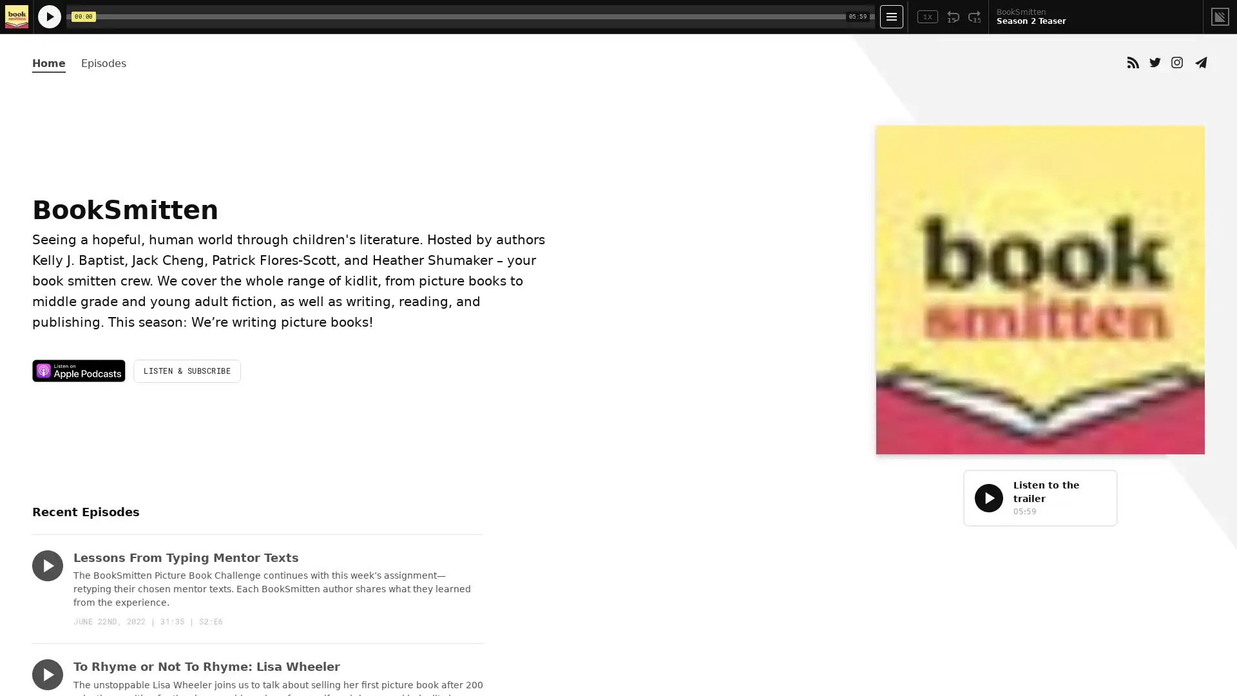  Describe the element at coordinates (928, 17) in the screenshot. I see `Toggle Speed: Current Speed 1x` at that location.